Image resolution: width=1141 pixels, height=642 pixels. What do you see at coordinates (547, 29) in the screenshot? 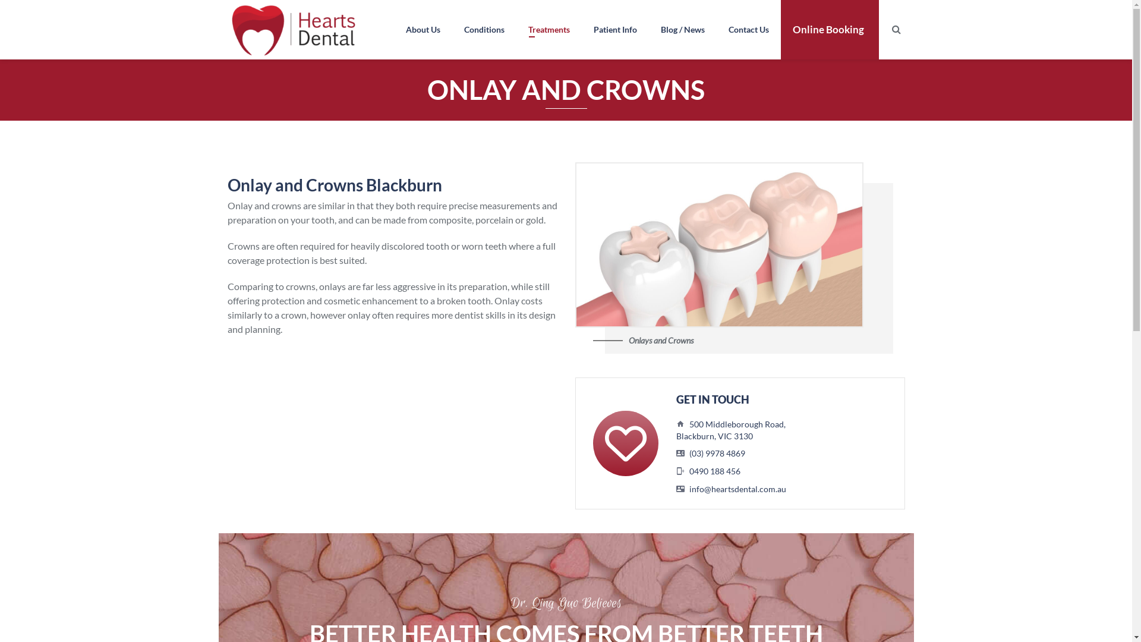
I see `'Treatments'` at bounding box center [547, 29].